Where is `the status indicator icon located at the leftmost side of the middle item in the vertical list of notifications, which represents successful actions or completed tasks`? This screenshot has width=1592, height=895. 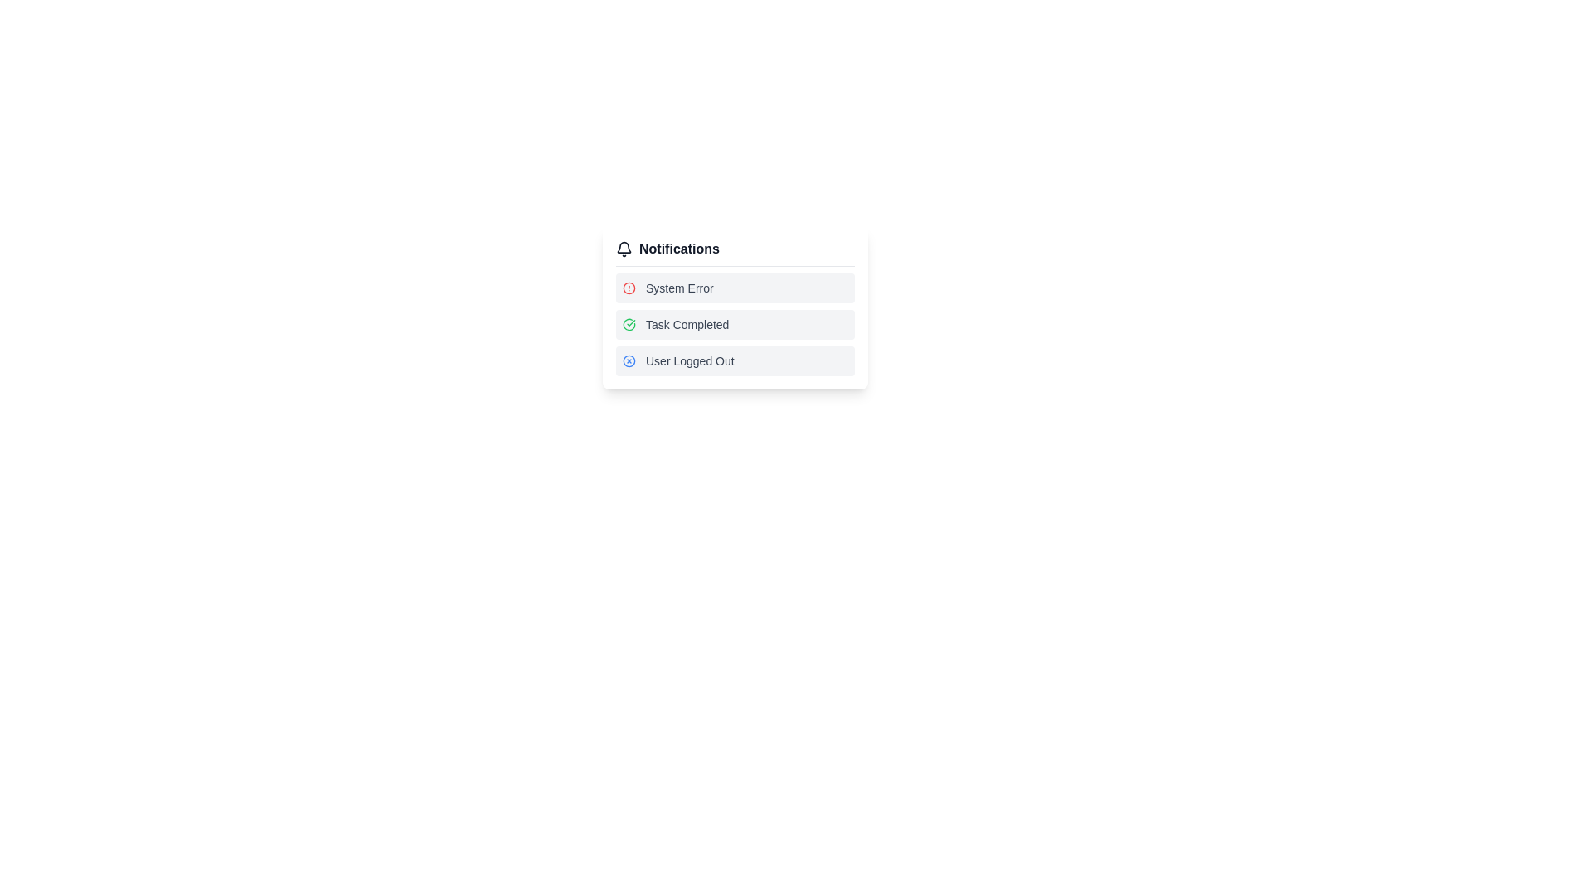 the status indicator icon located at the leftmost side of the middle item in the vertical list of notifications, which represents successful actions or completed tasks is located at coordinates (628, 325).